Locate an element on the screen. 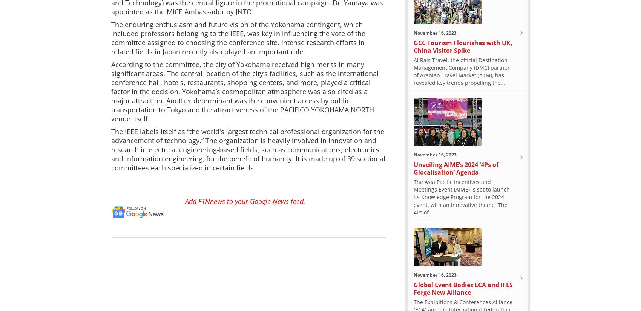 Image resolution: width=641 pixels, height=311 pixels. 'The Asia Pacific Incentives and Meetings Event (AIME) is set to launch its Knowledge Program for the 2024 event, with an innovative theme “The 4Ps of…' is located at coordinates (414, 196).